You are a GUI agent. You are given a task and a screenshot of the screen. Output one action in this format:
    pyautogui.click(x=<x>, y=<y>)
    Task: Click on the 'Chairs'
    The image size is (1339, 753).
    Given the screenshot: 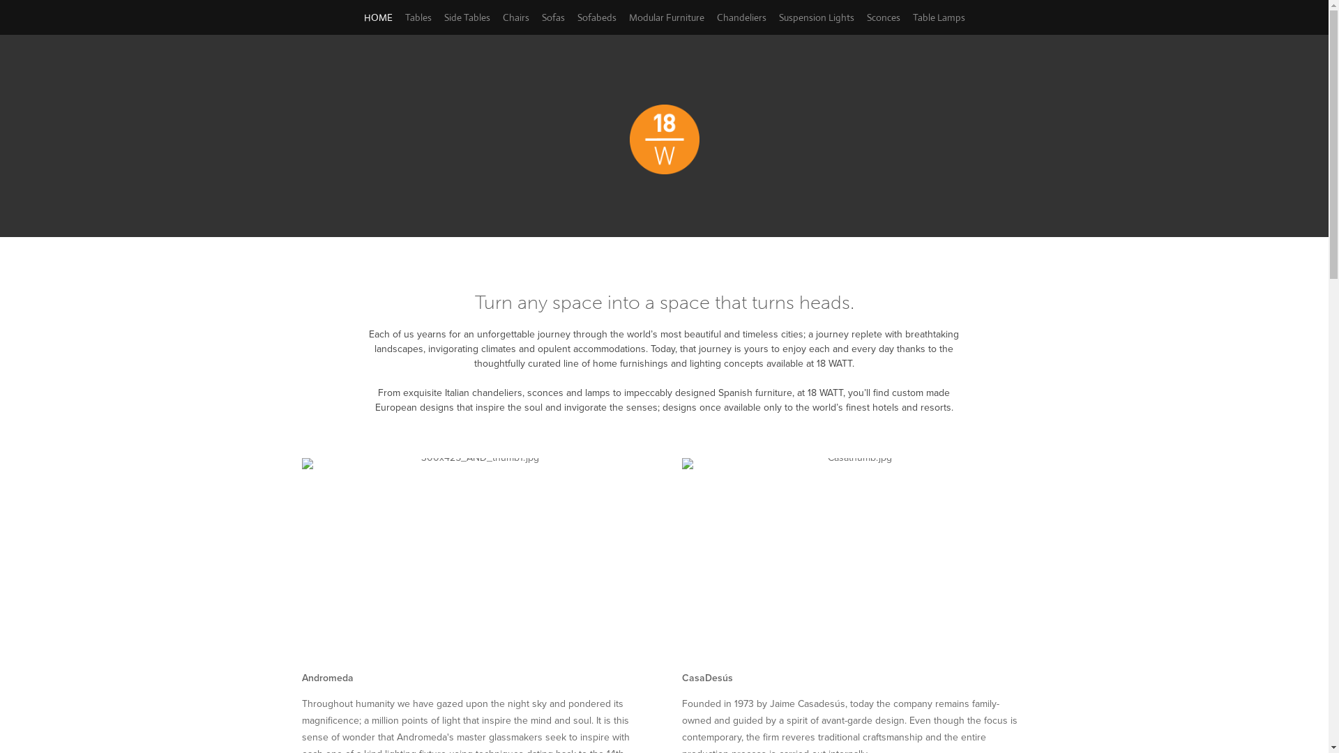 What is the action you would take?
    pyautogui.click(x=515, y=17)
    